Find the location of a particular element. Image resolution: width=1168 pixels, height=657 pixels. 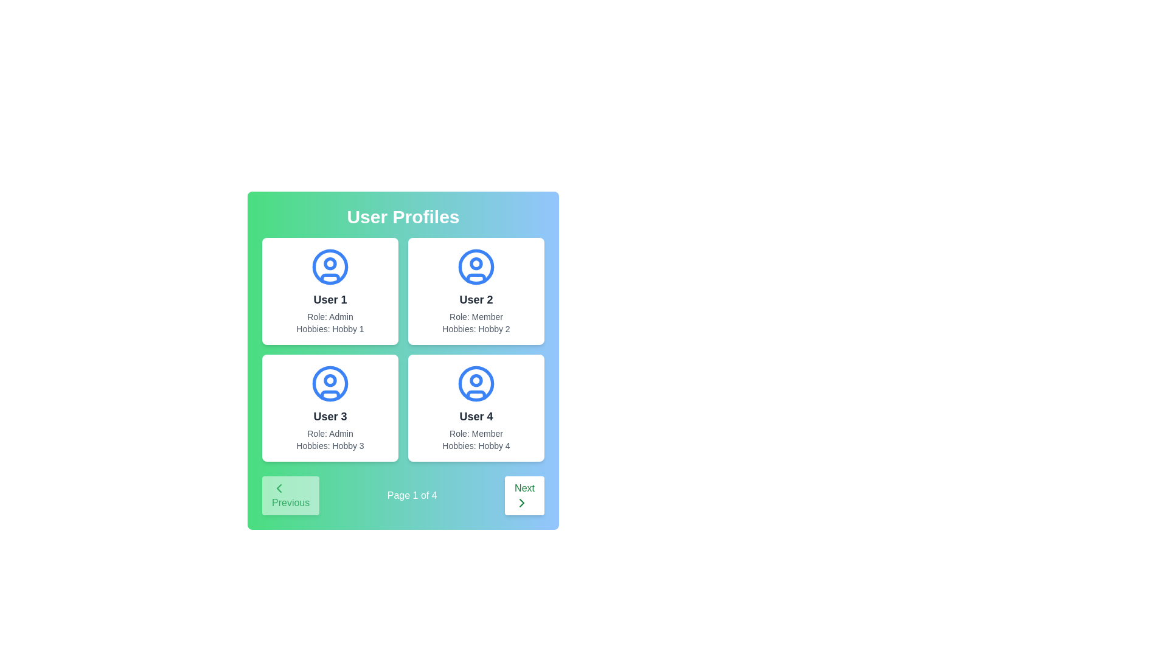

the decorative shape, which is the outermost circle of the user profile icon labeled 'User 2' in the top-right of the grid layout is located at coordinates (475, 266).